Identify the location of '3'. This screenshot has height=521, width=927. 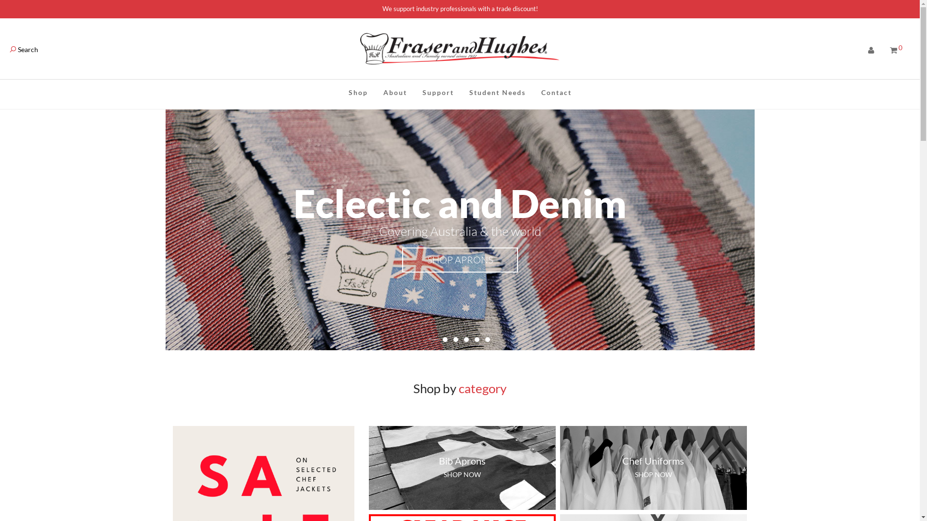
(454, 339).